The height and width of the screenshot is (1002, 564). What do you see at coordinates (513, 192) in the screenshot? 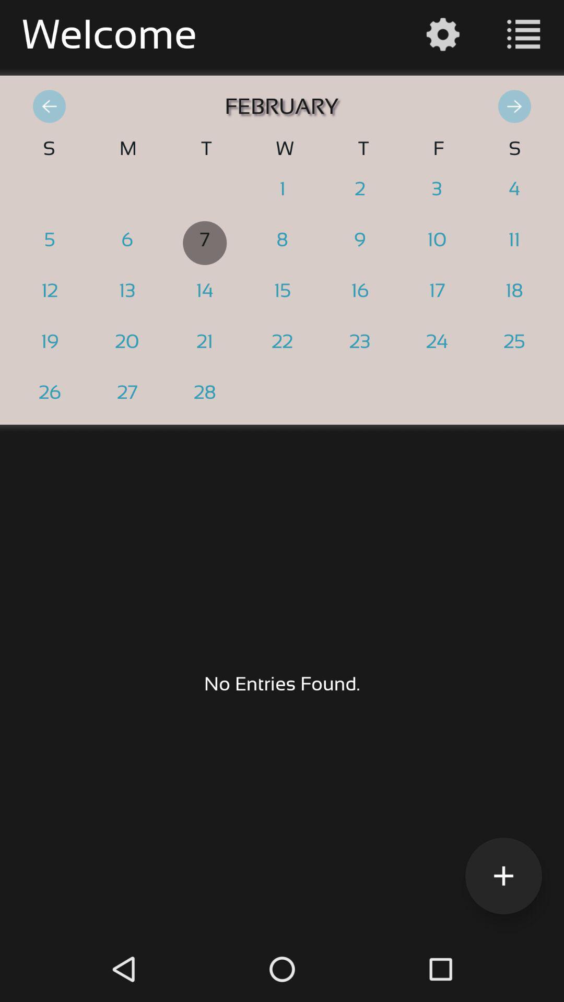
I see `the number 2  below s` at bounding box center [513, 192].